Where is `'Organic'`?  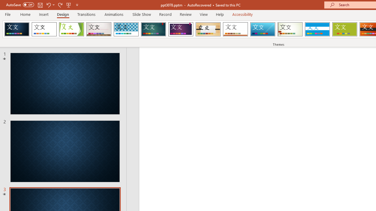
'Organic' is located at coordinates (208, 29).